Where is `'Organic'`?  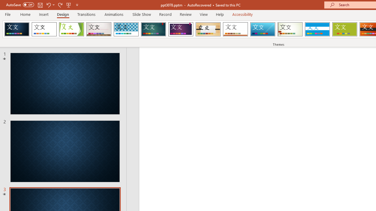
'Organic' is located at coordinates (208, 29).